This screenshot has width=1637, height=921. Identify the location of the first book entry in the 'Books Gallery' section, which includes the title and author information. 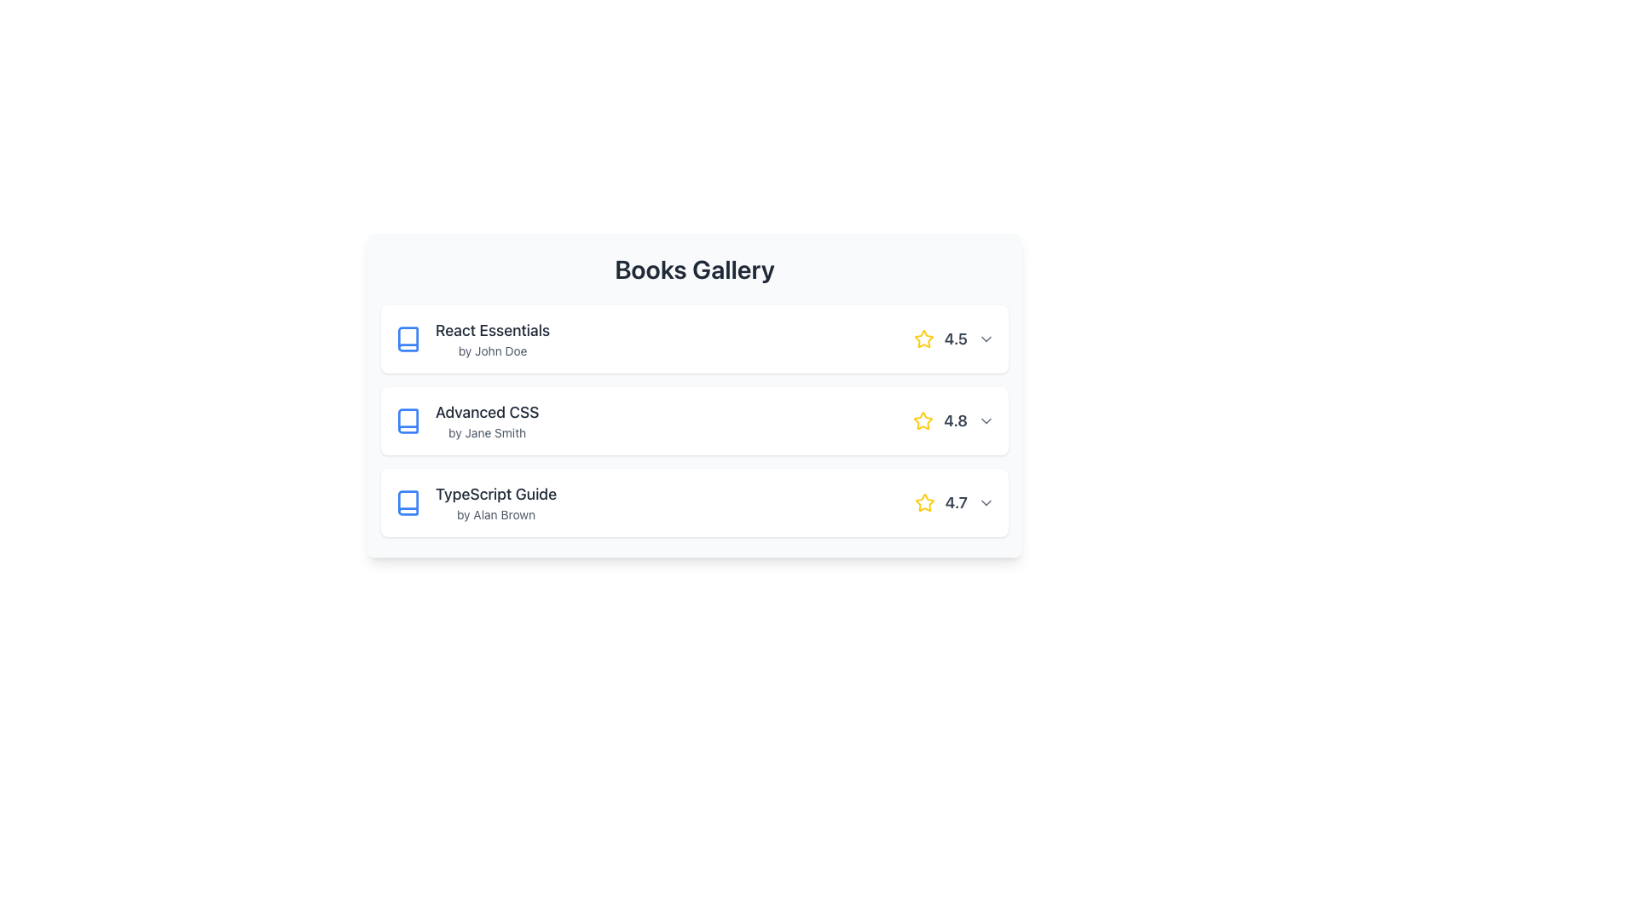
(472, 339).